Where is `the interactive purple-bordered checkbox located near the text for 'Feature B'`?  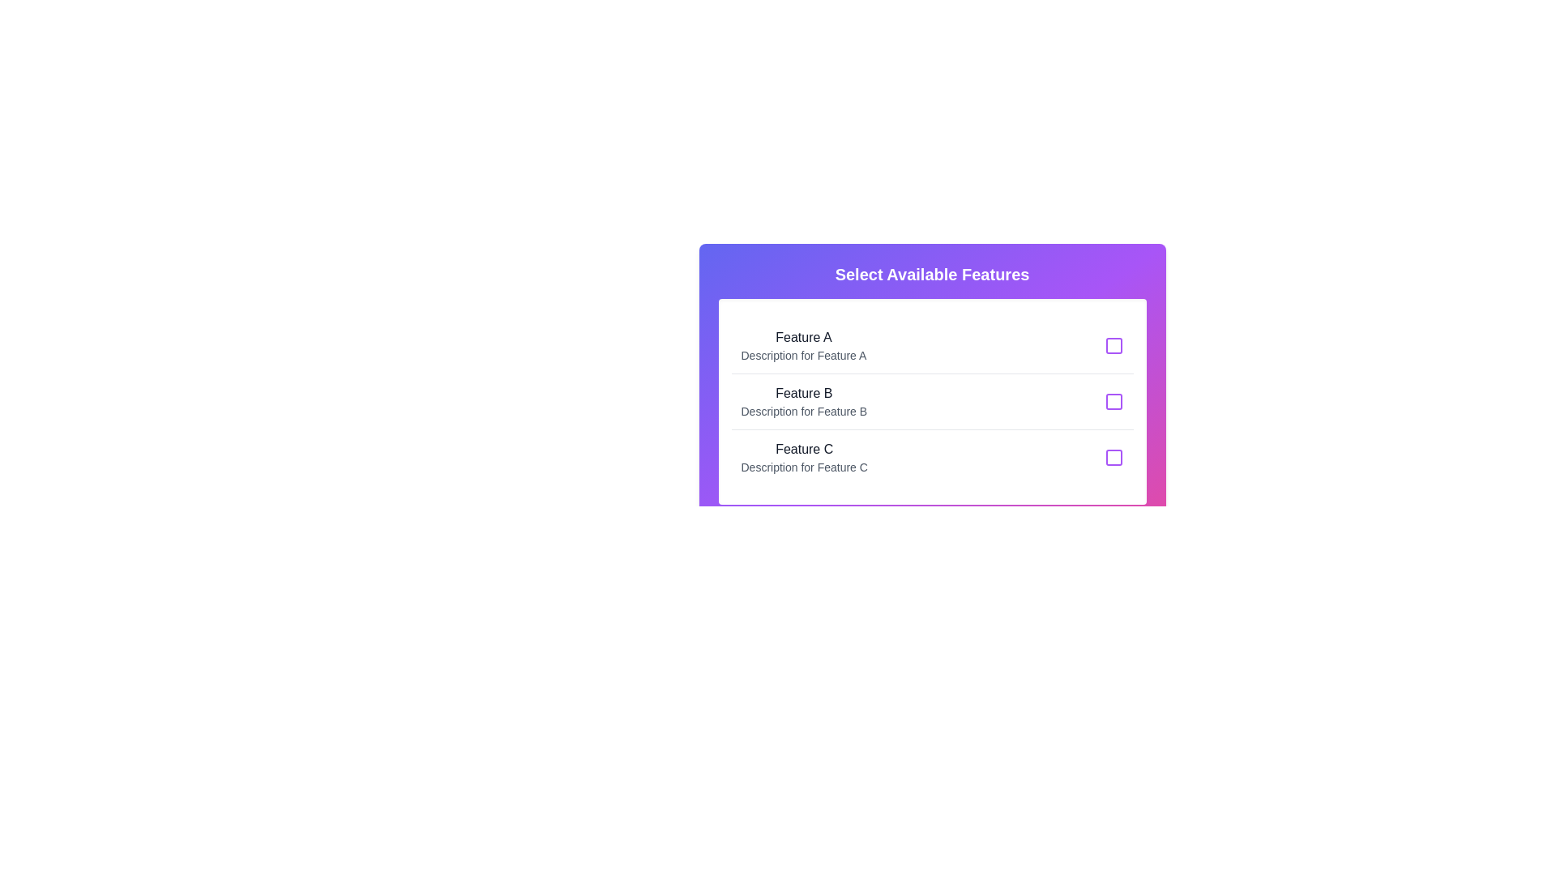 the interactive purple-bordered checkbox located near the text for 'Feature B' is located at coordinates (1113, 401).